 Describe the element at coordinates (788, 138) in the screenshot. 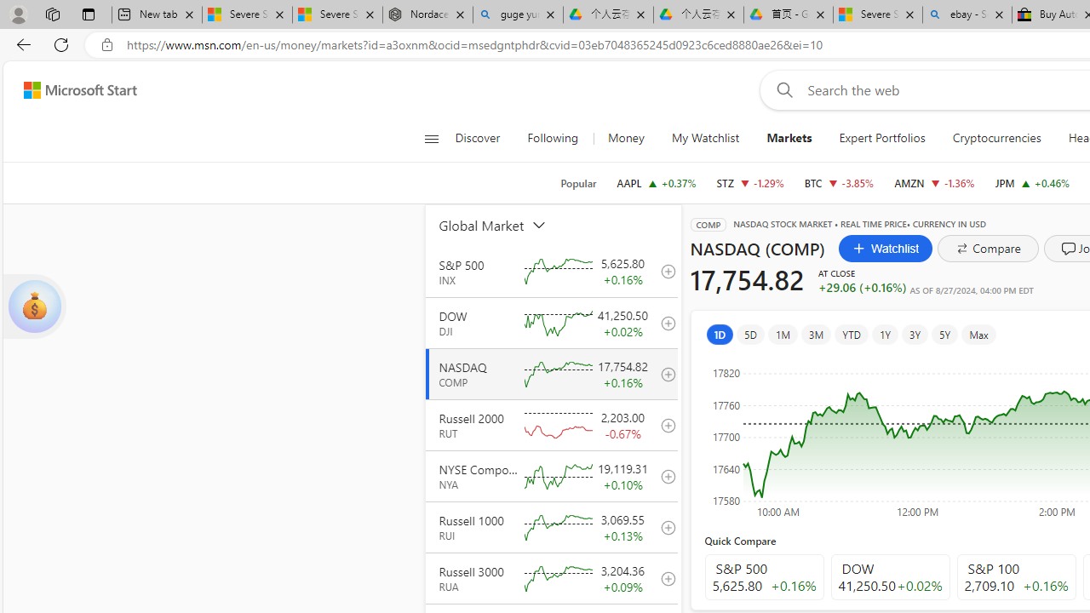

I see `'Markets'` at that location.